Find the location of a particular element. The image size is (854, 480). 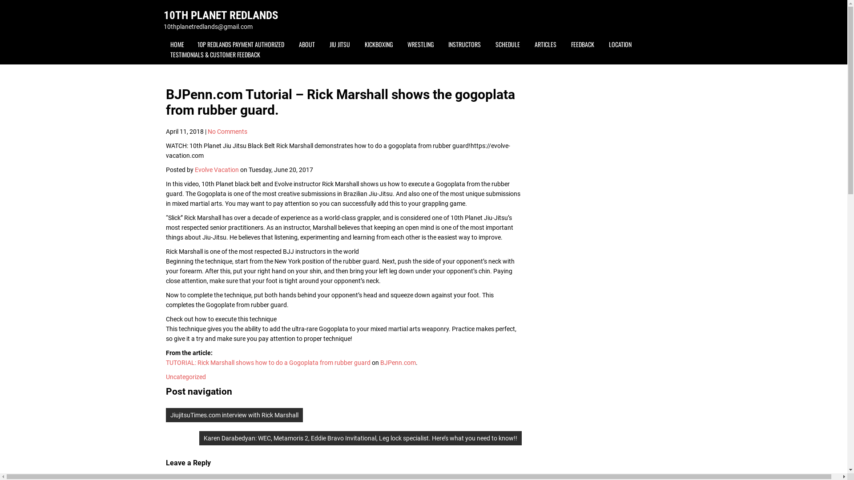

'ARTICLES' is located at coordinates (544, 44).